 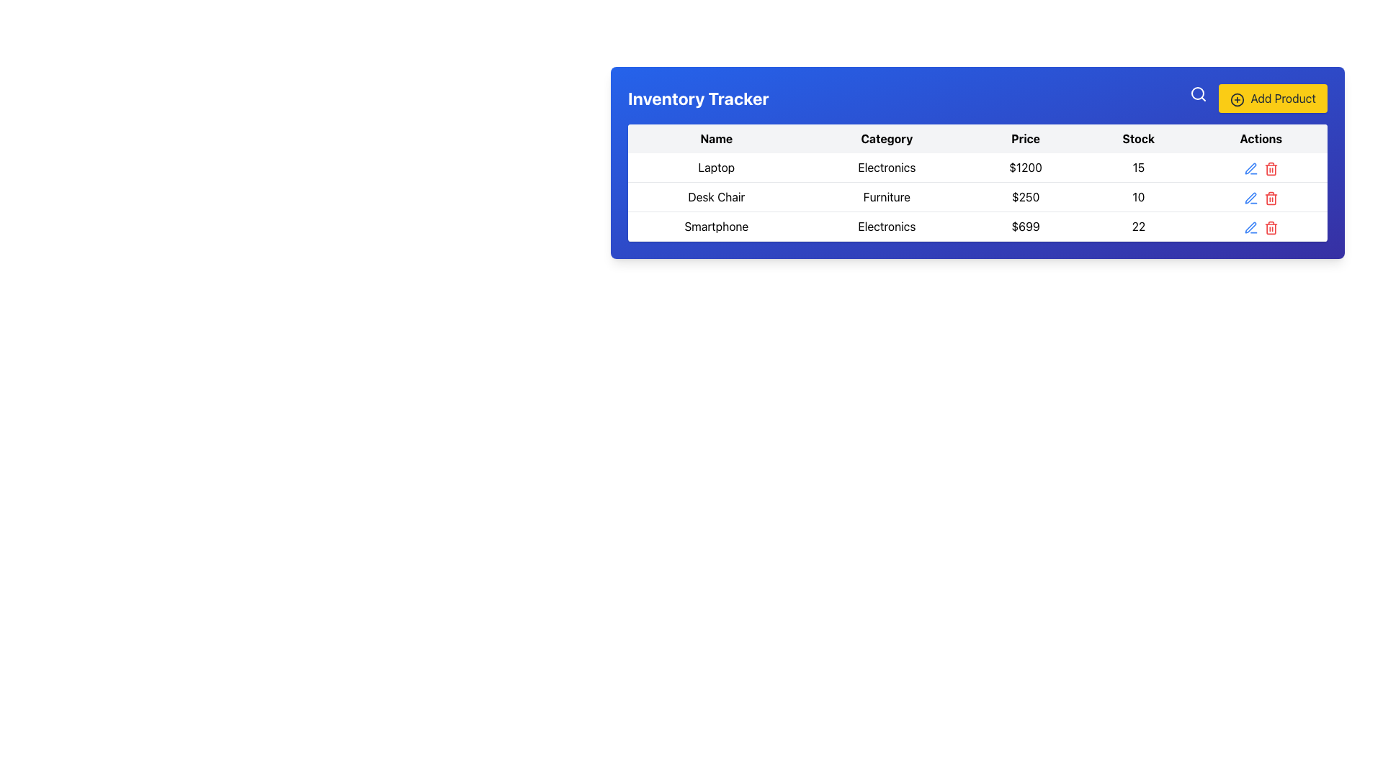 I want to click on the 'Stock' header label in the table, which is the fourth label in a sequence of five headers, positioned between 'Price' and 'Actions', so click(x=1137, y=138).